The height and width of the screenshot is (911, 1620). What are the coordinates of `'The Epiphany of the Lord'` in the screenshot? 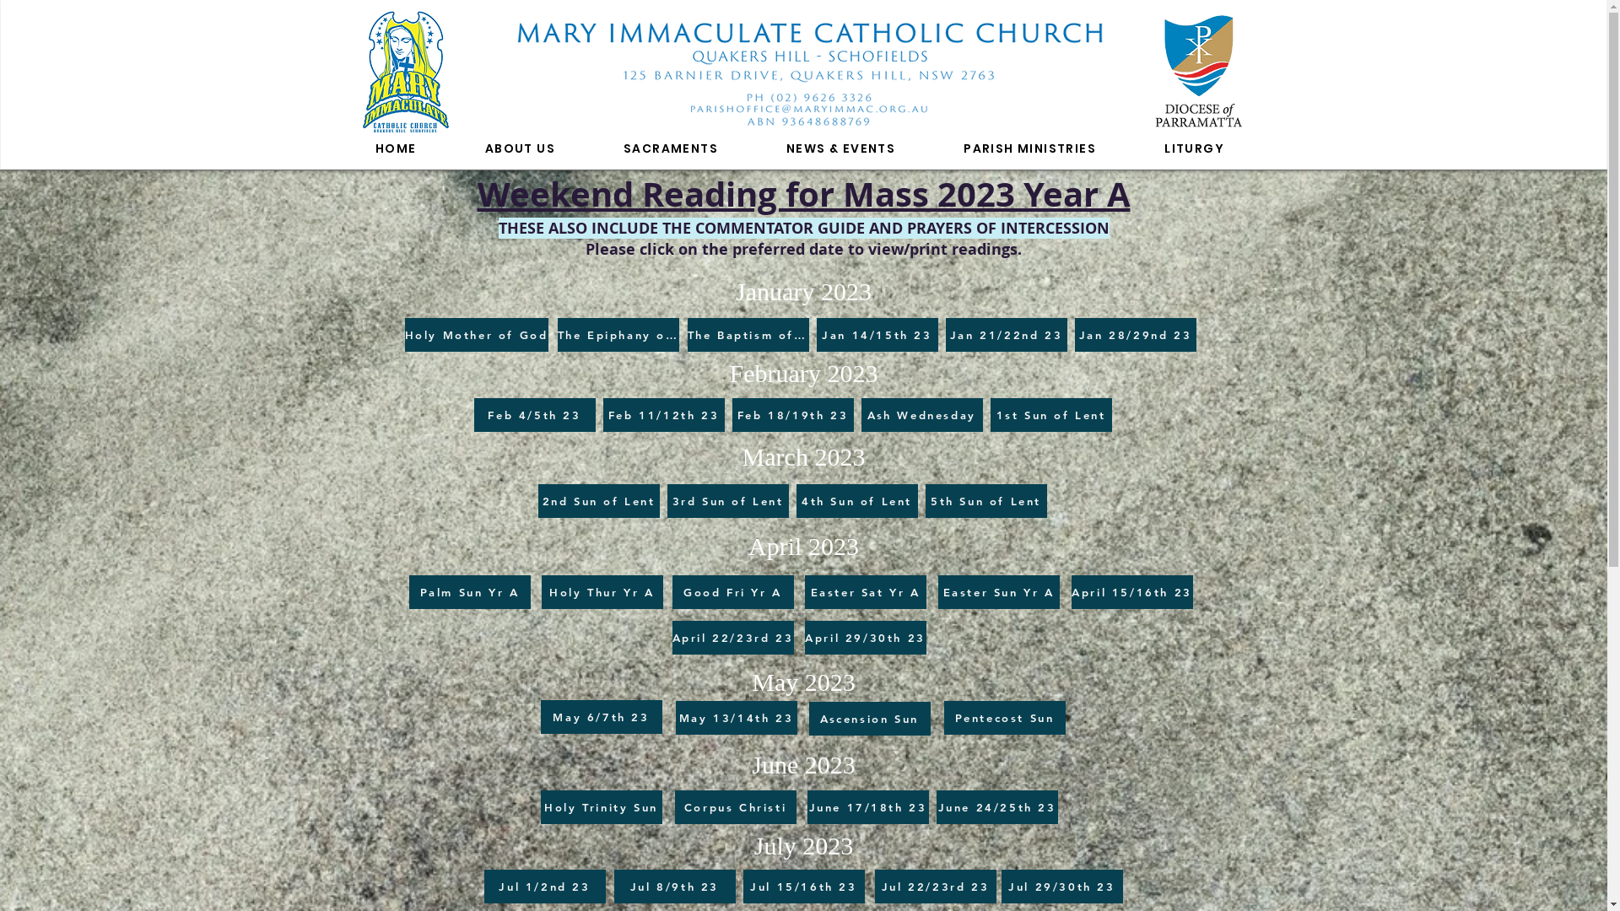 It's located at (616, 335).